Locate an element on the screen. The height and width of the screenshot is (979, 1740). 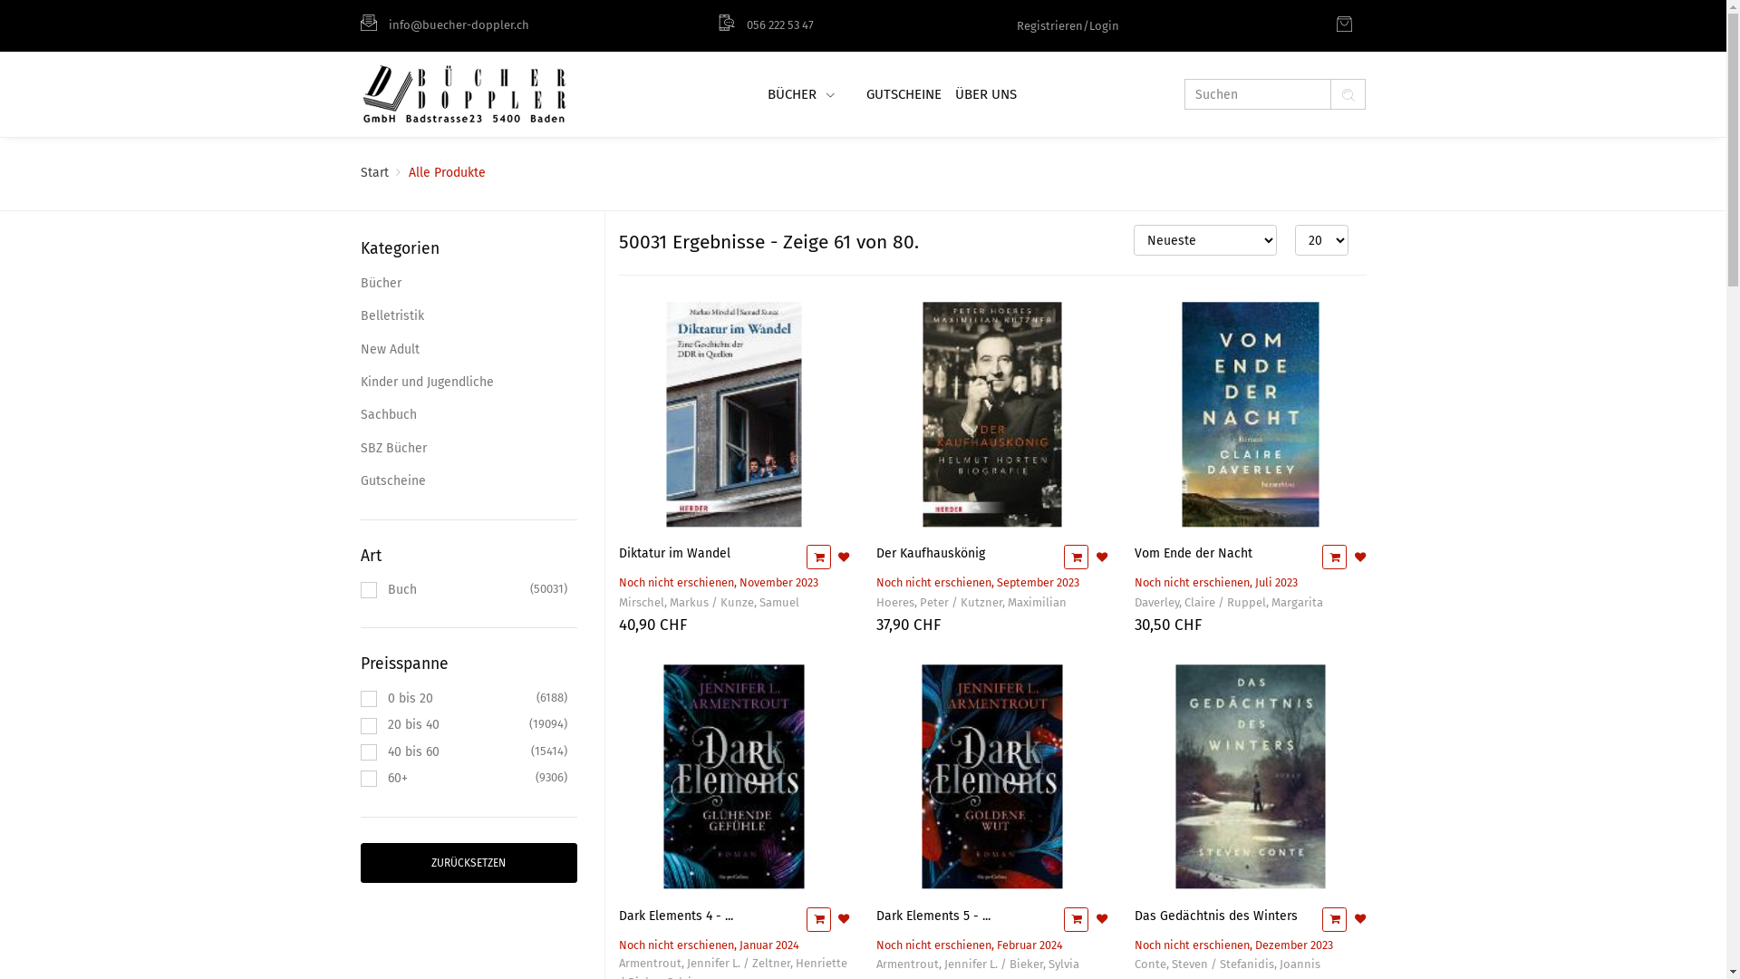
'New Adult' is located at coordinates (469, 349).